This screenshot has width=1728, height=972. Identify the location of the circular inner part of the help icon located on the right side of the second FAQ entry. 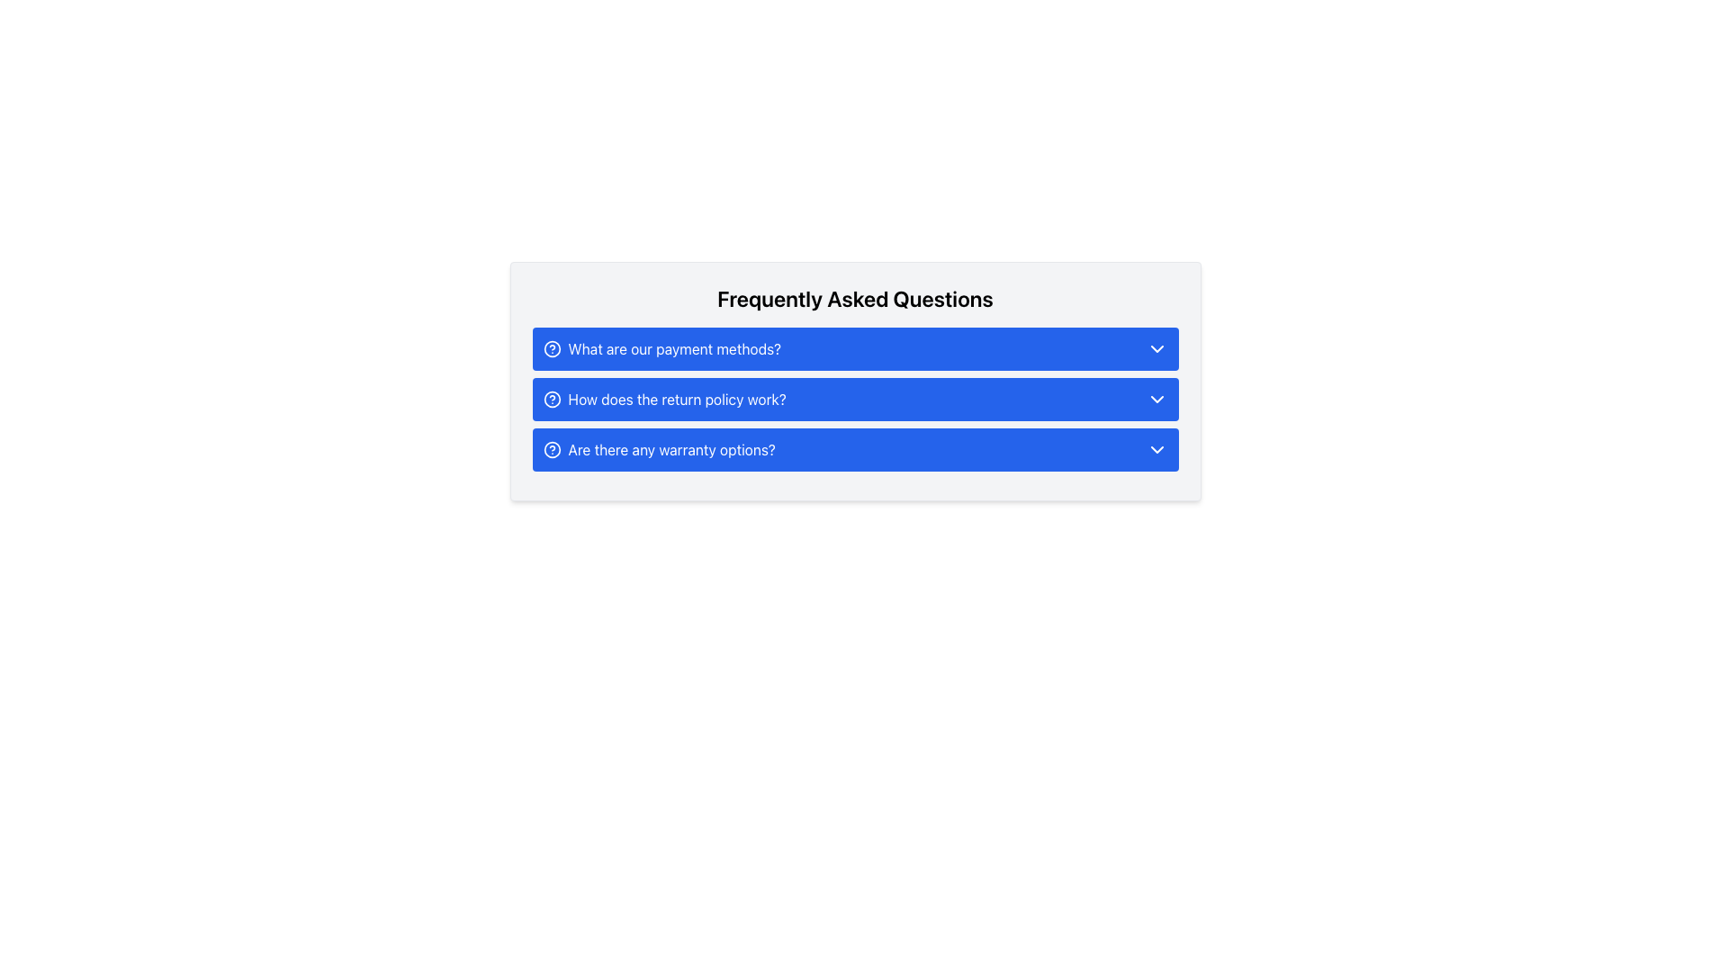
(551, 398).